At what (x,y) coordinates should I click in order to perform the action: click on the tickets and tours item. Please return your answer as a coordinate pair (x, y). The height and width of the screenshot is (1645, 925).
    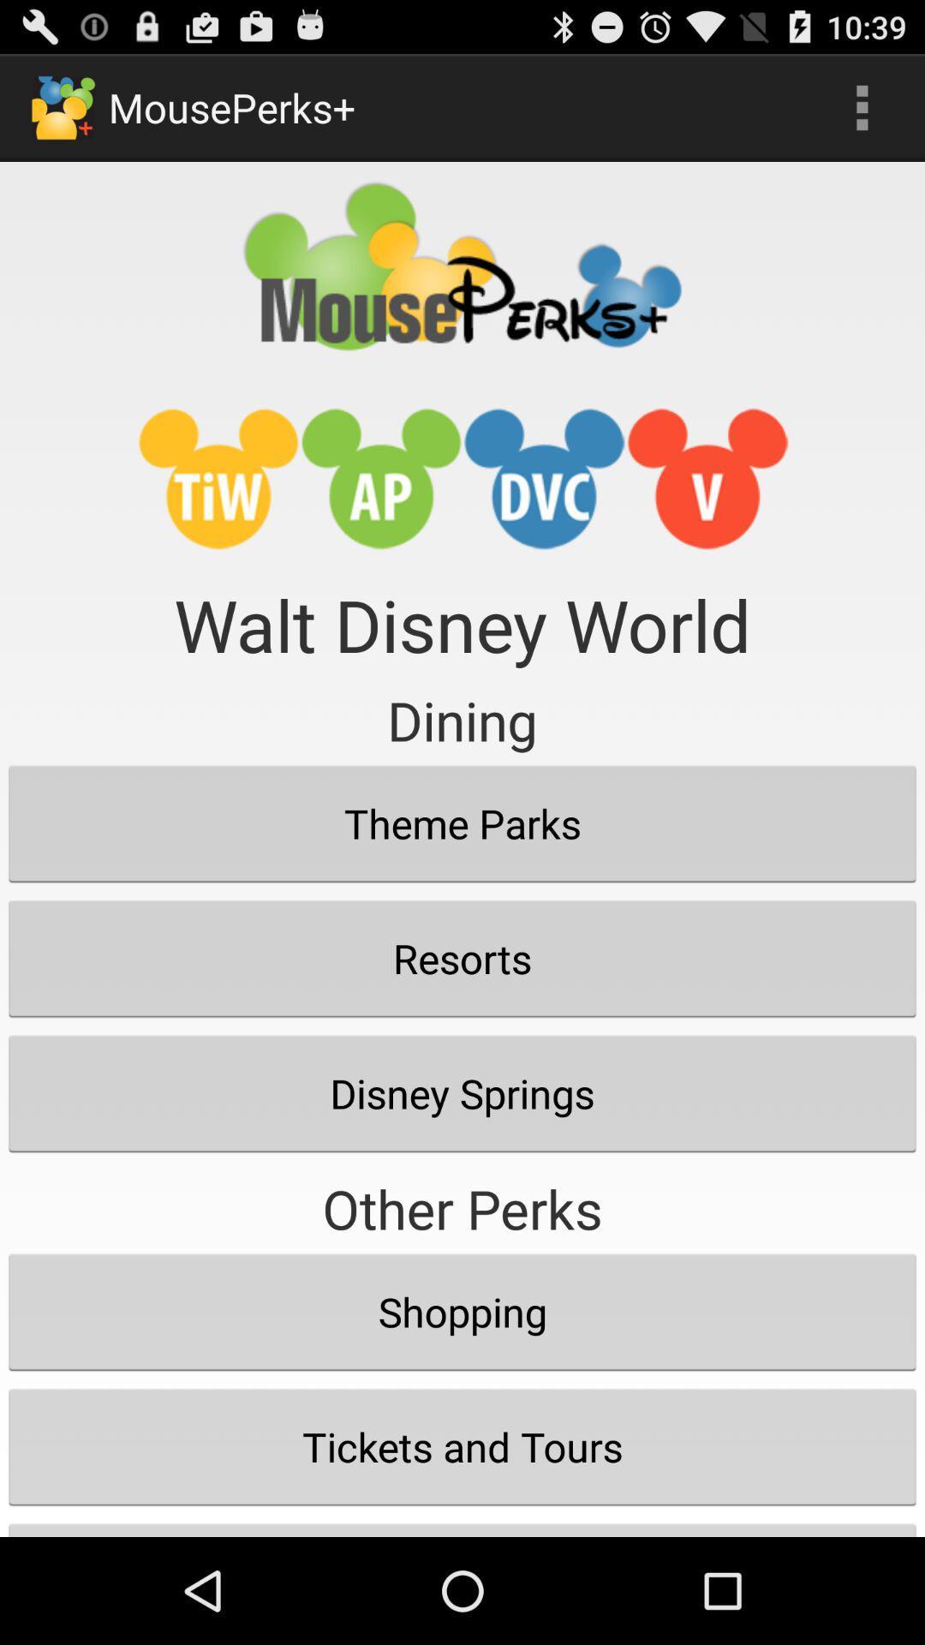
    Looking at the image, I should click on (462, 1446).